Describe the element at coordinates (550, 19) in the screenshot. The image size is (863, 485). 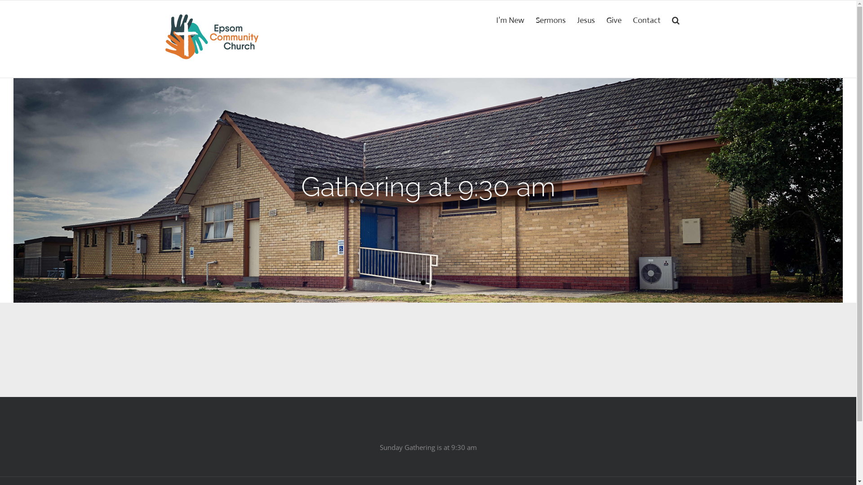
I see `'Sermons'` at that location.